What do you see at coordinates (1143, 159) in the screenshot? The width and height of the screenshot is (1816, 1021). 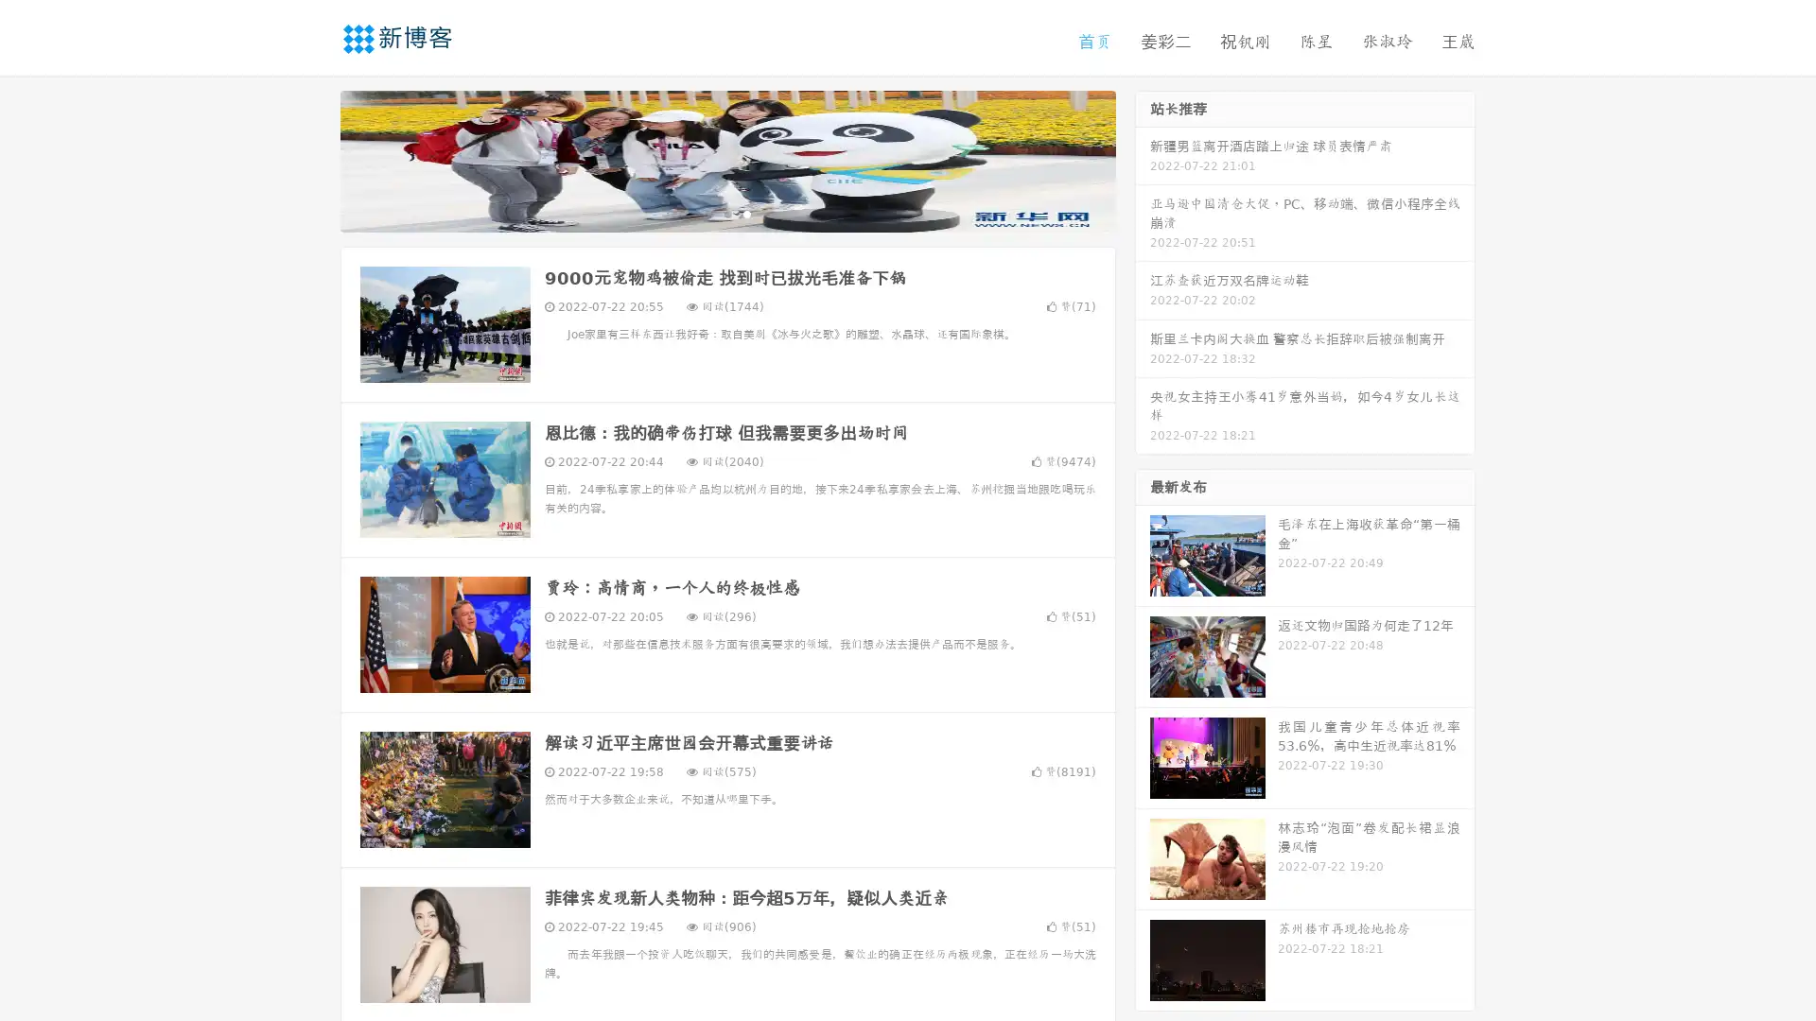 I see `Next slide` at bounding box center [1143, 159].